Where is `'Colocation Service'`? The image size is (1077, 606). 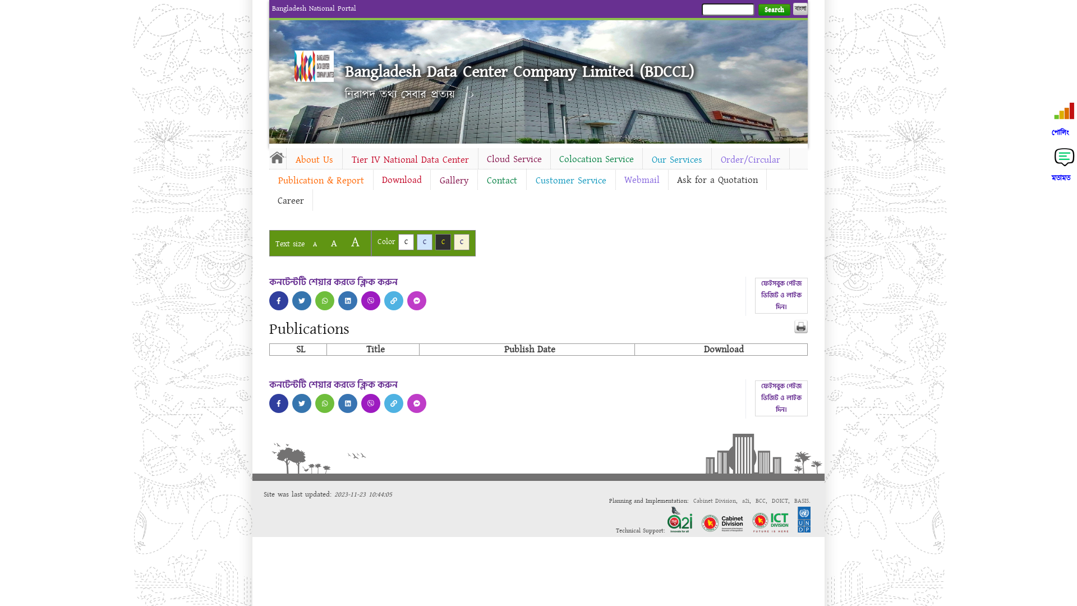
'Colocation Service' is located at coordinates (596, 159).